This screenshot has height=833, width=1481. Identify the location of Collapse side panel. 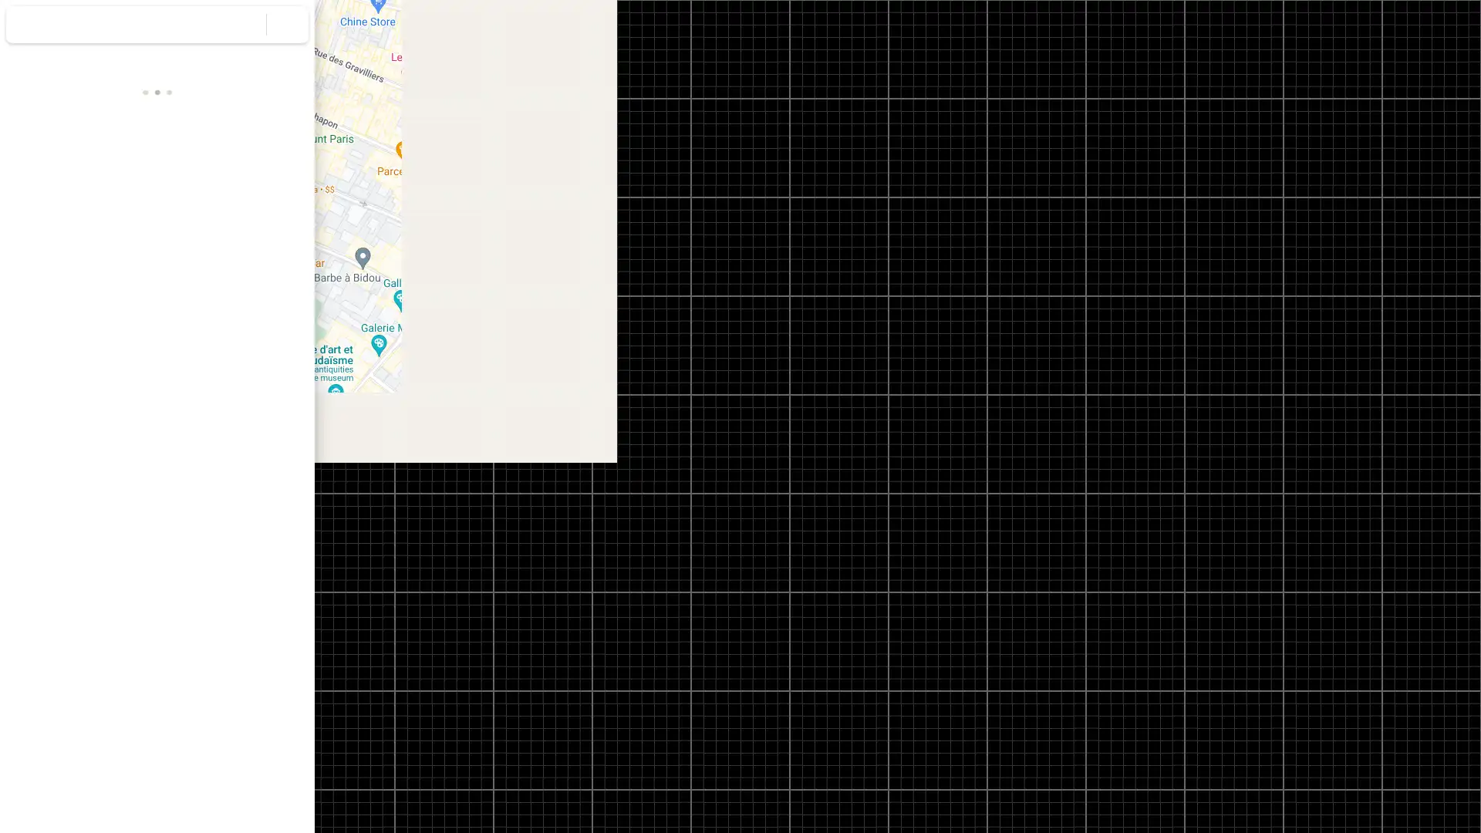
(322, 416).